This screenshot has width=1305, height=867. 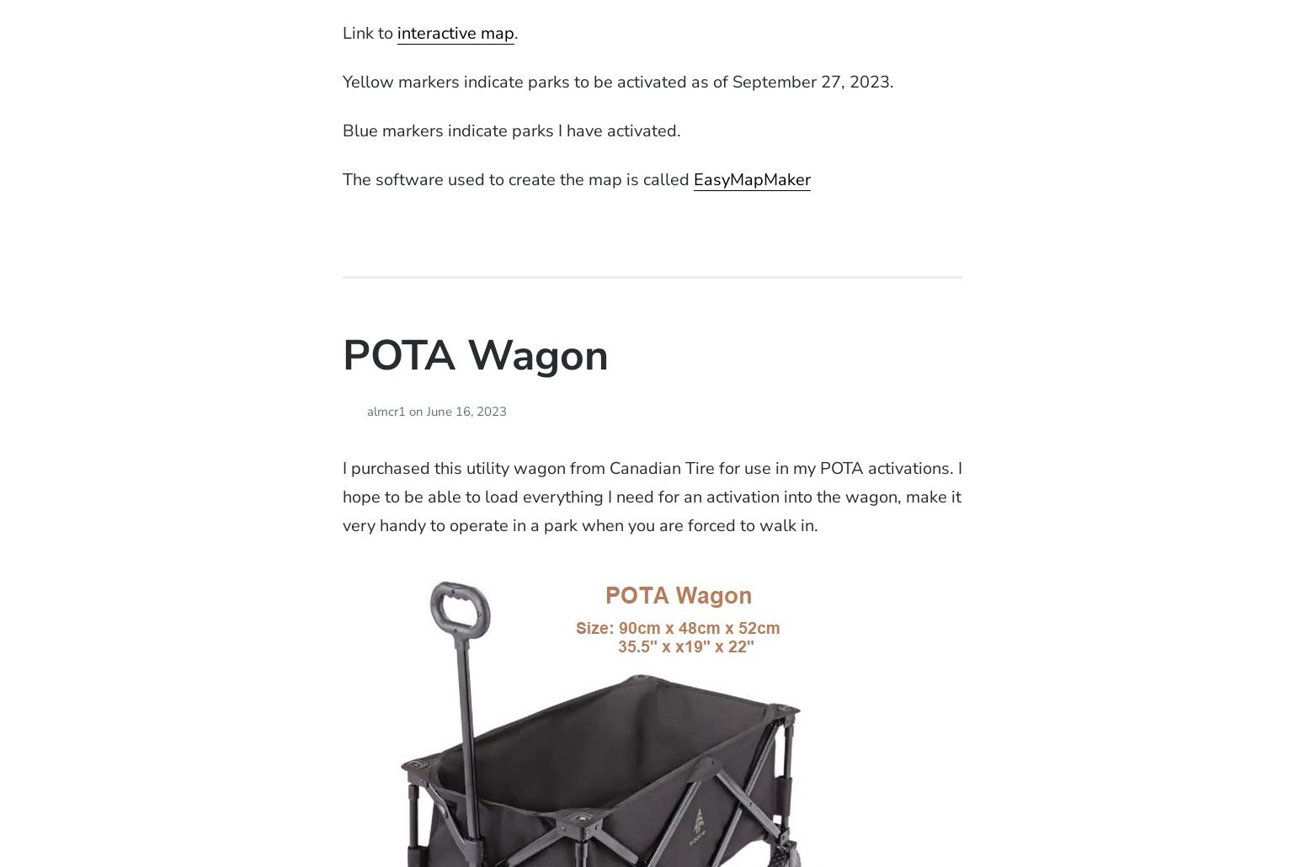 I want to click on 'POTA Wagon', so click(x=475, y=355).